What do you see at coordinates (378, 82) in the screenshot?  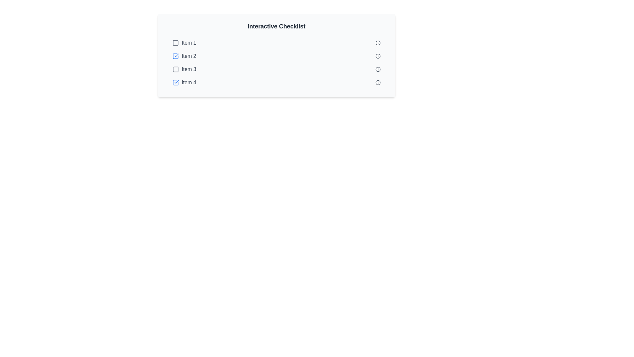 I see `the information icon for task 4` at bounding box center [378, 82].